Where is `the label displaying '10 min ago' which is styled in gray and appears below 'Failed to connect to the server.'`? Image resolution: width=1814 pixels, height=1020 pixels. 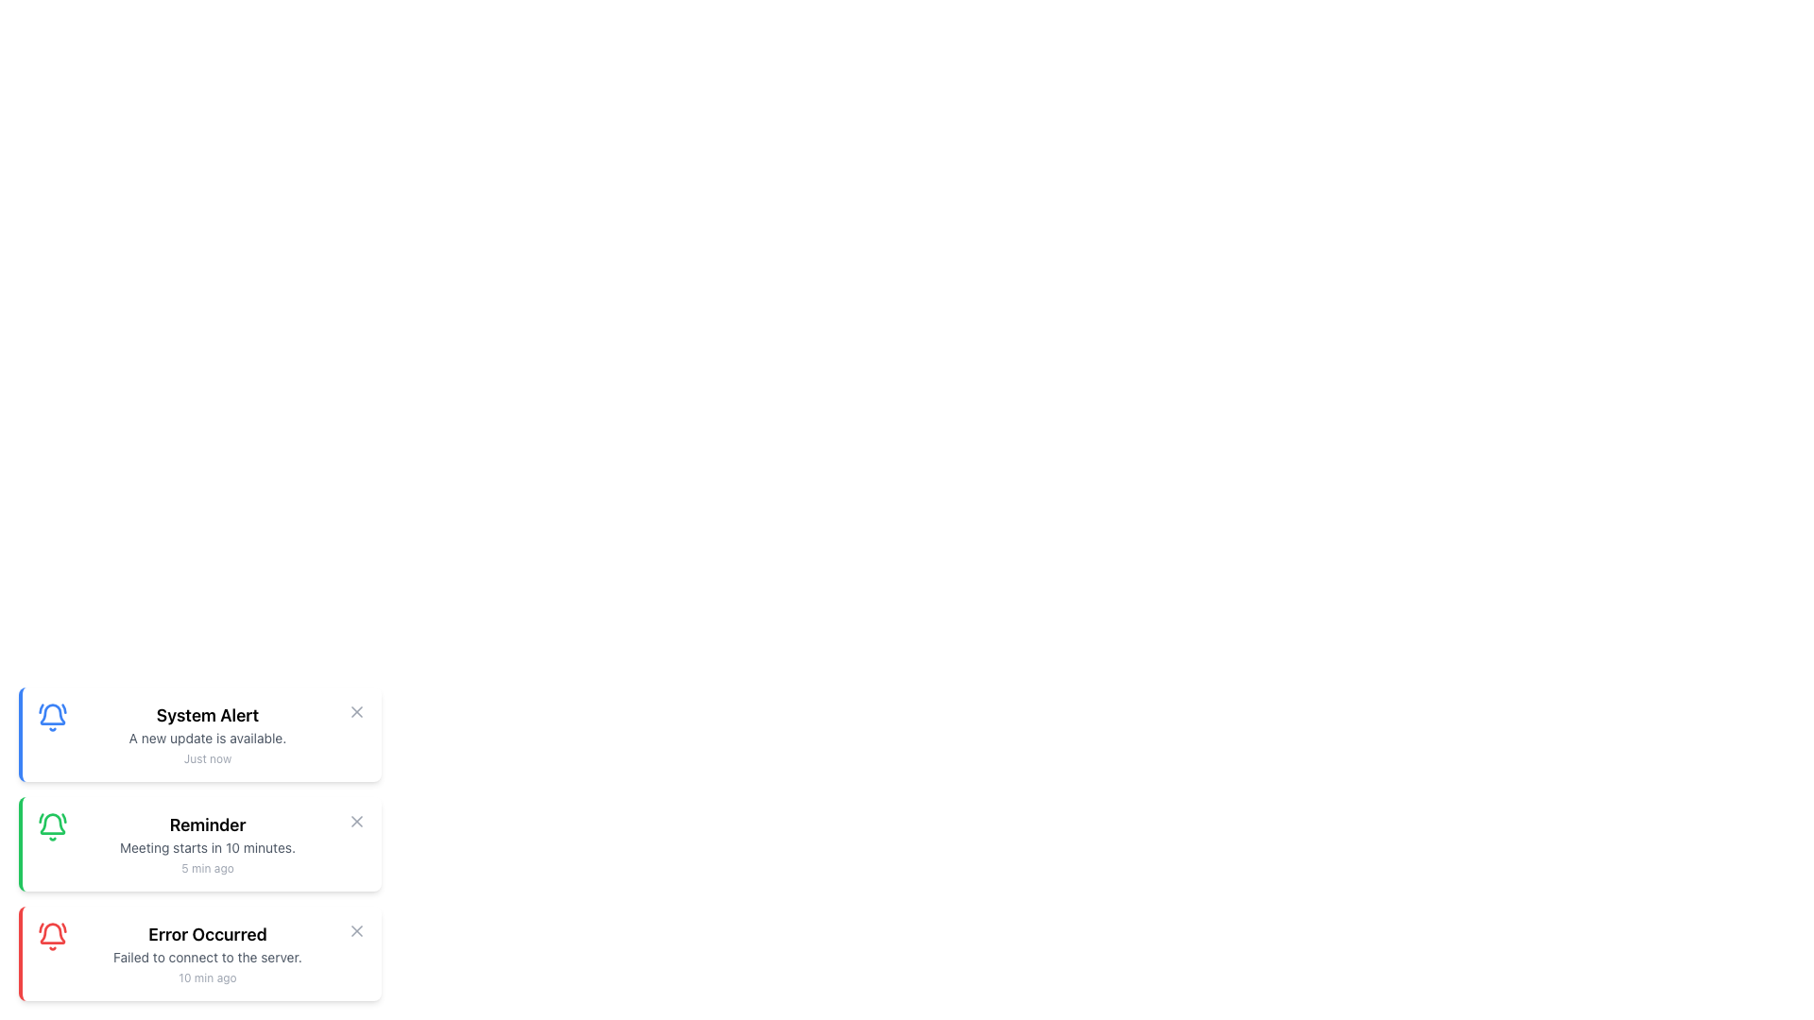 the label displaying '10 min ago' which is styled in gray and appears below 'Failed to connect to the server.' is located at coordinates (208, 977).